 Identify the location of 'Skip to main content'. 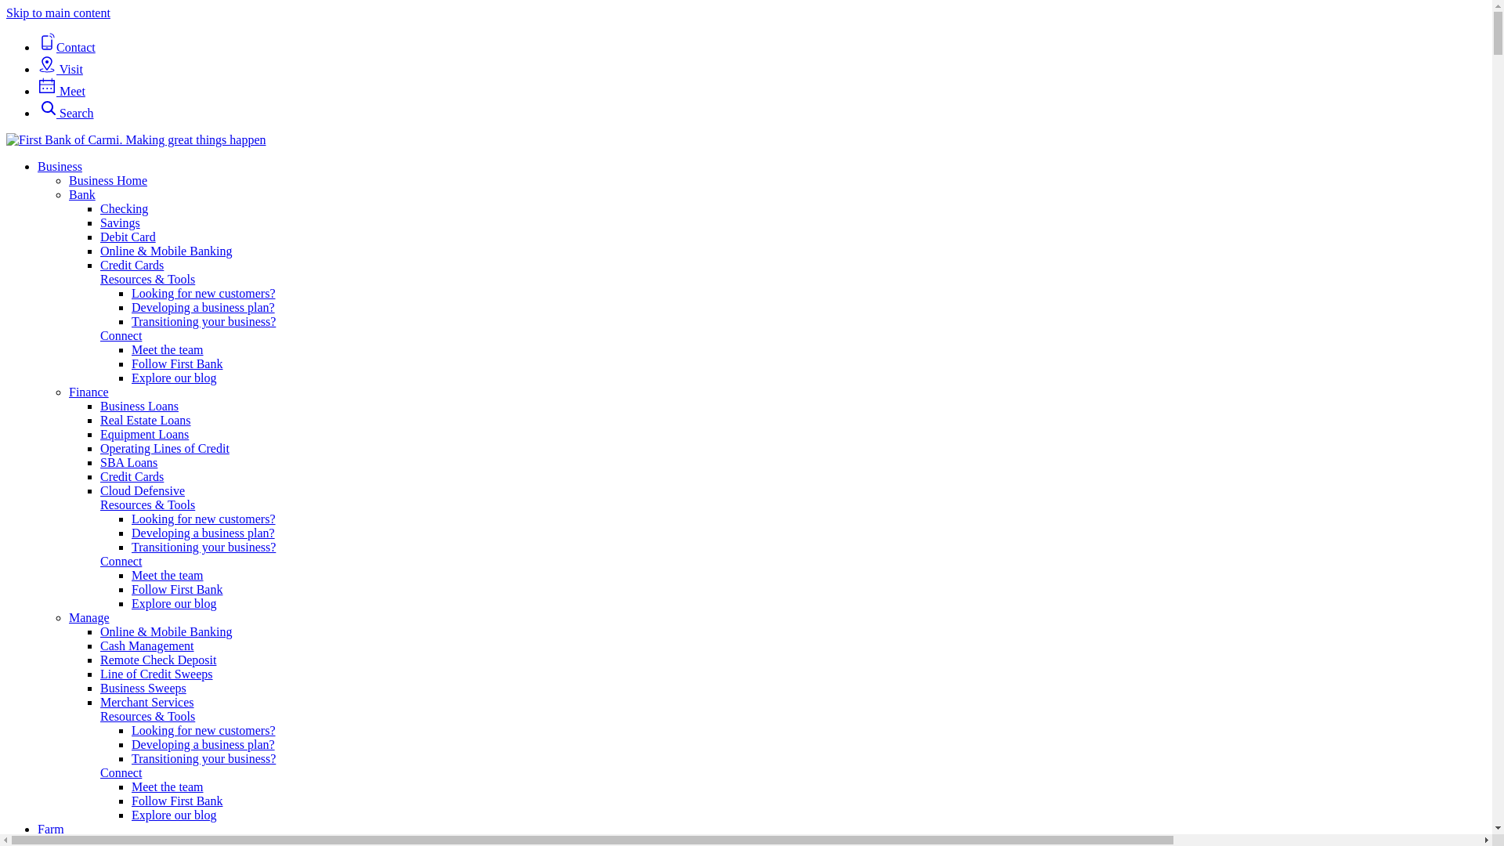
(58, 13).